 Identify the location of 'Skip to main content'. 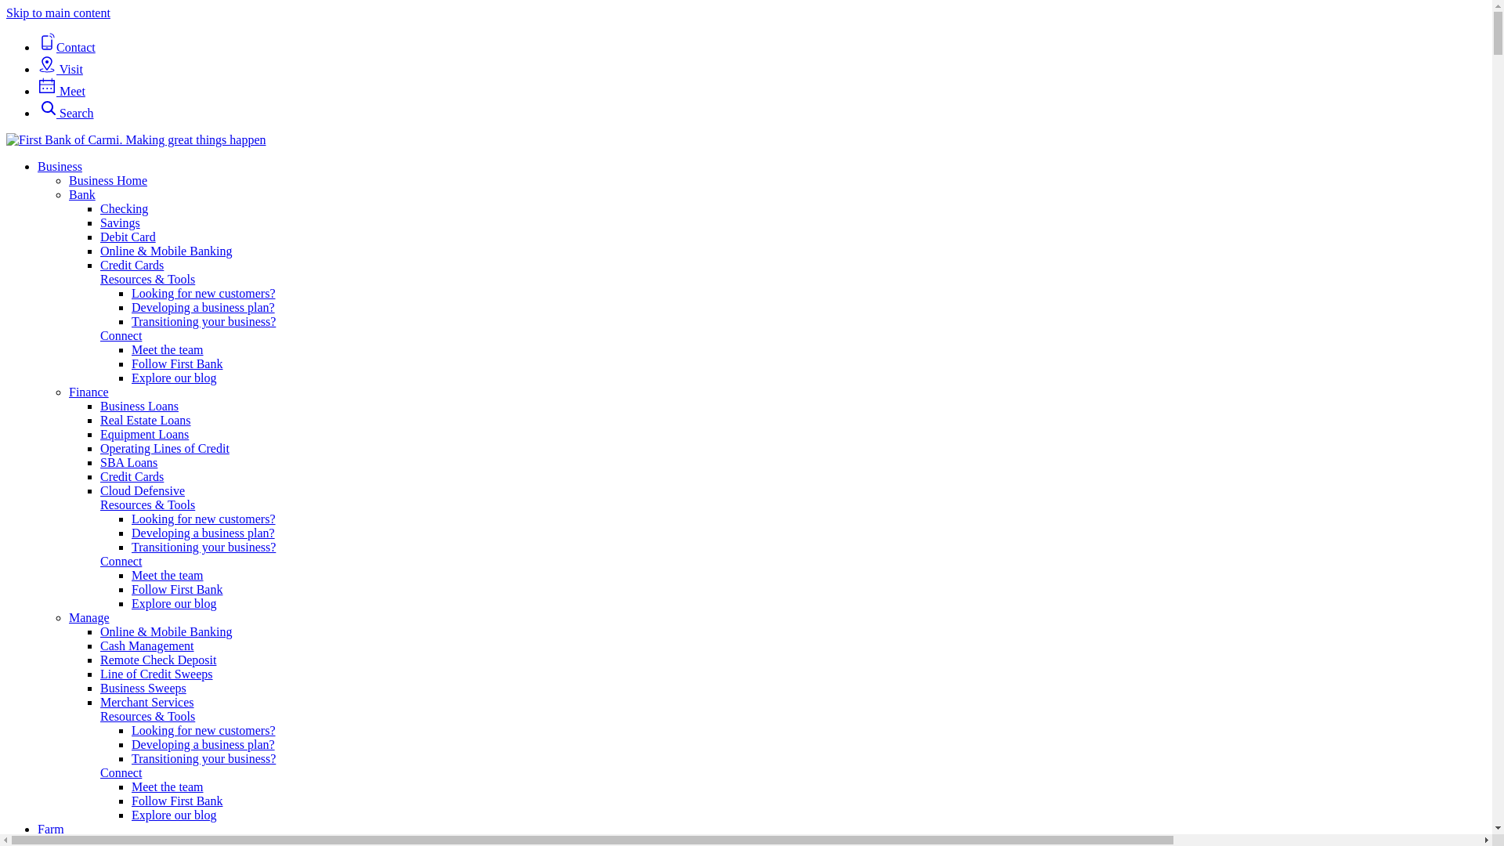
(58, 13).